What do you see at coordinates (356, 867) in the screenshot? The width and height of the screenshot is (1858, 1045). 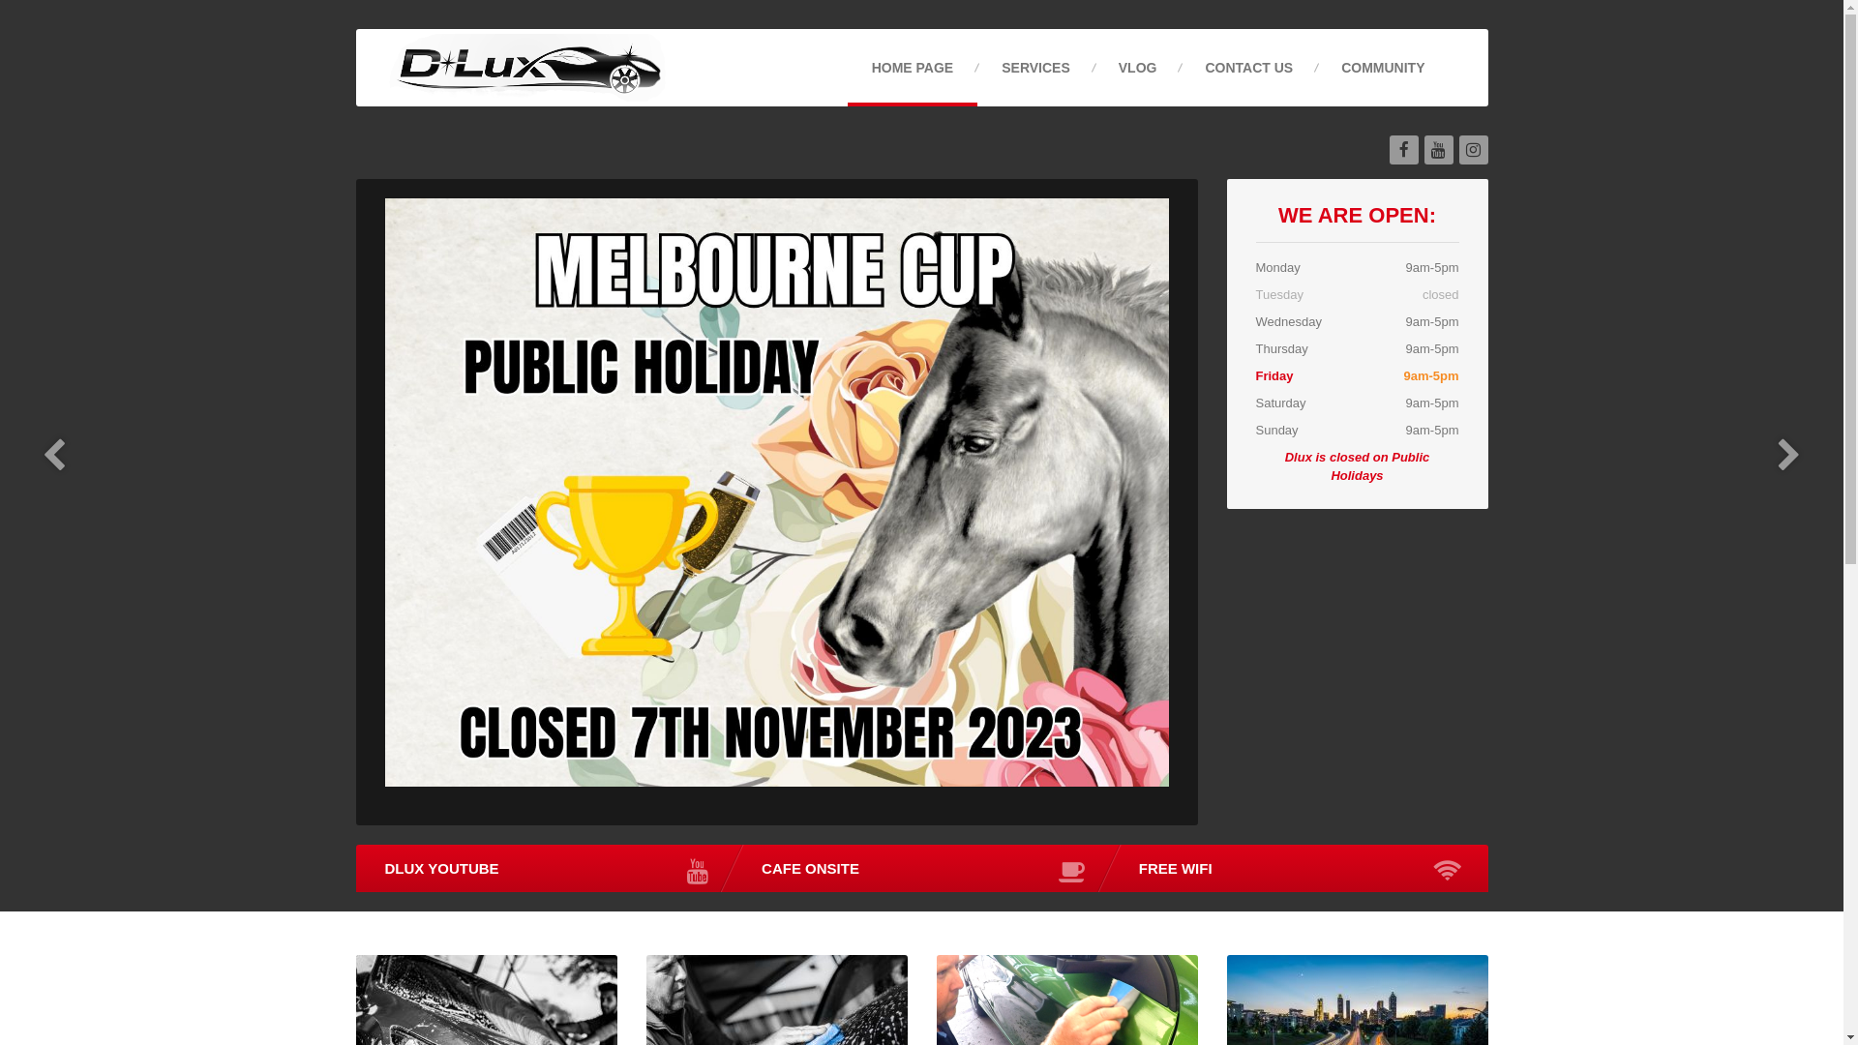 I see `'DLUX YOUTUBE'` at bounding box center [356, 867].